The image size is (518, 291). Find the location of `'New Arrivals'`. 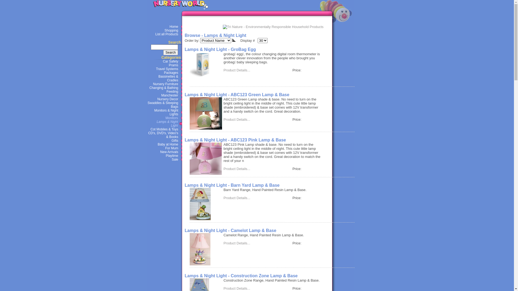

'New Arrivals' is located at coordinates (164, 152).